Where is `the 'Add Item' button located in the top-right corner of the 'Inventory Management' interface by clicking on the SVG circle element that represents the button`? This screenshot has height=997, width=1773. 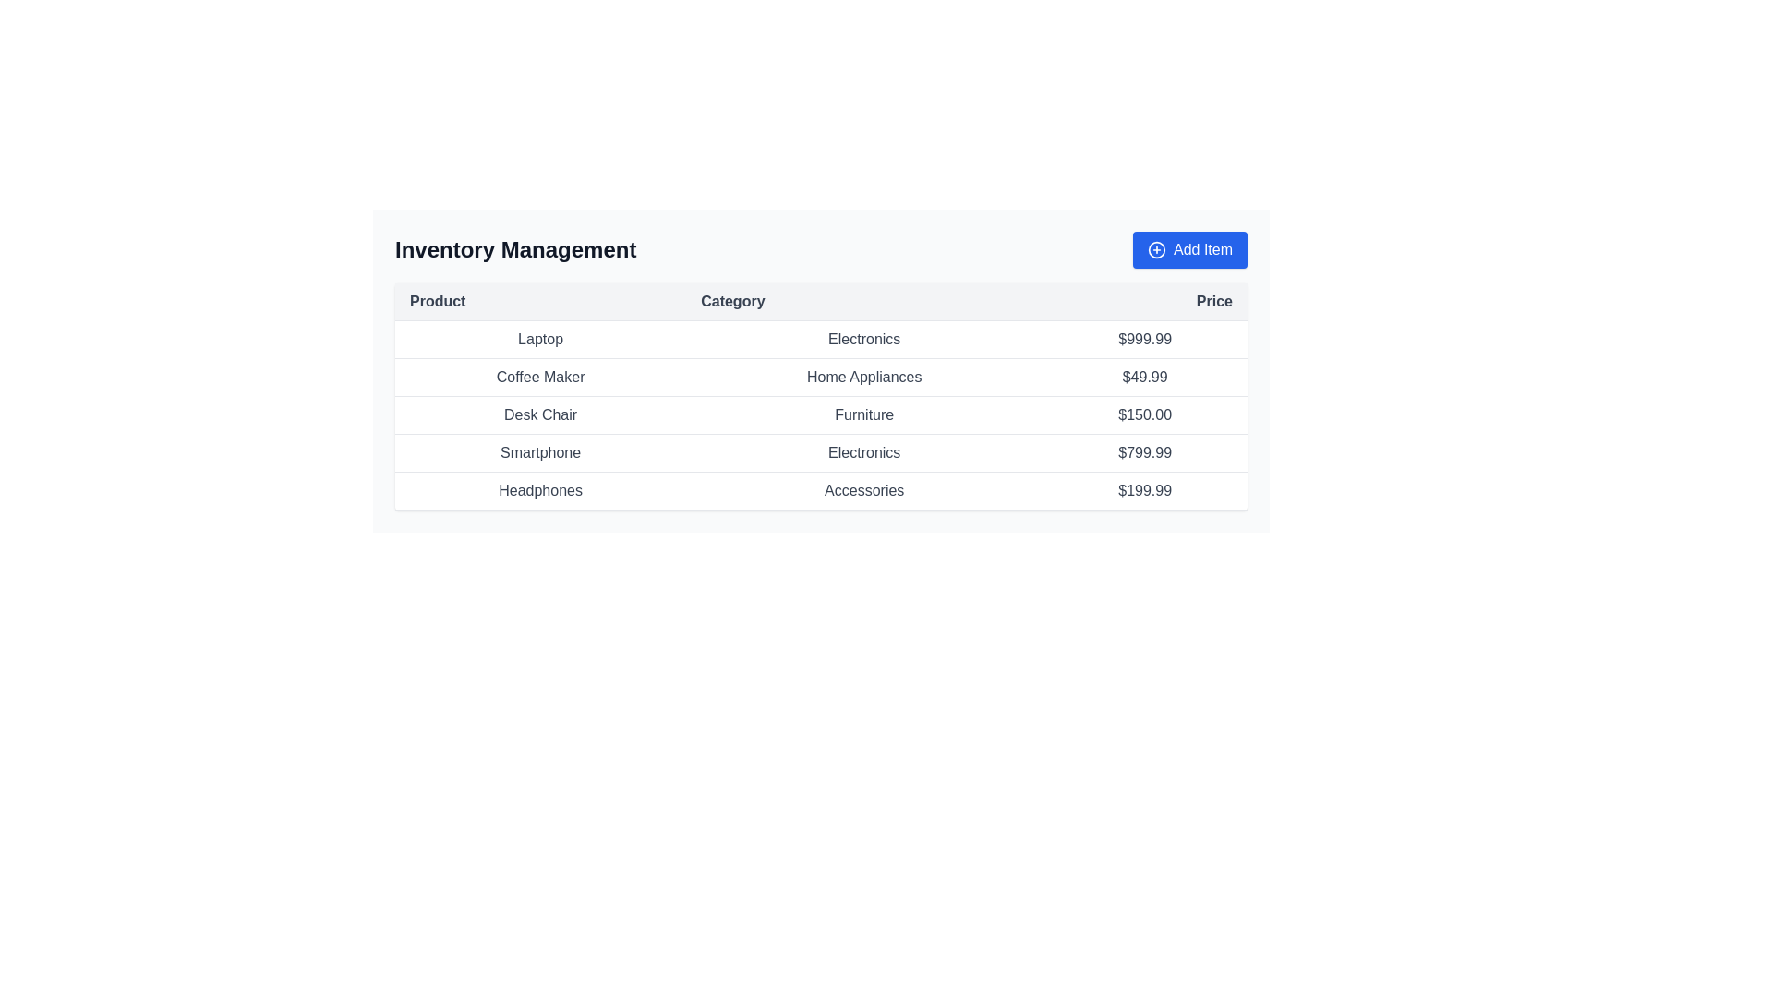 the 'Add Item' button located in the top-right corner of the 'Inventory Management' interface by clicking on the SVG circle element that represents the button is located at coordinates (1155, 249).